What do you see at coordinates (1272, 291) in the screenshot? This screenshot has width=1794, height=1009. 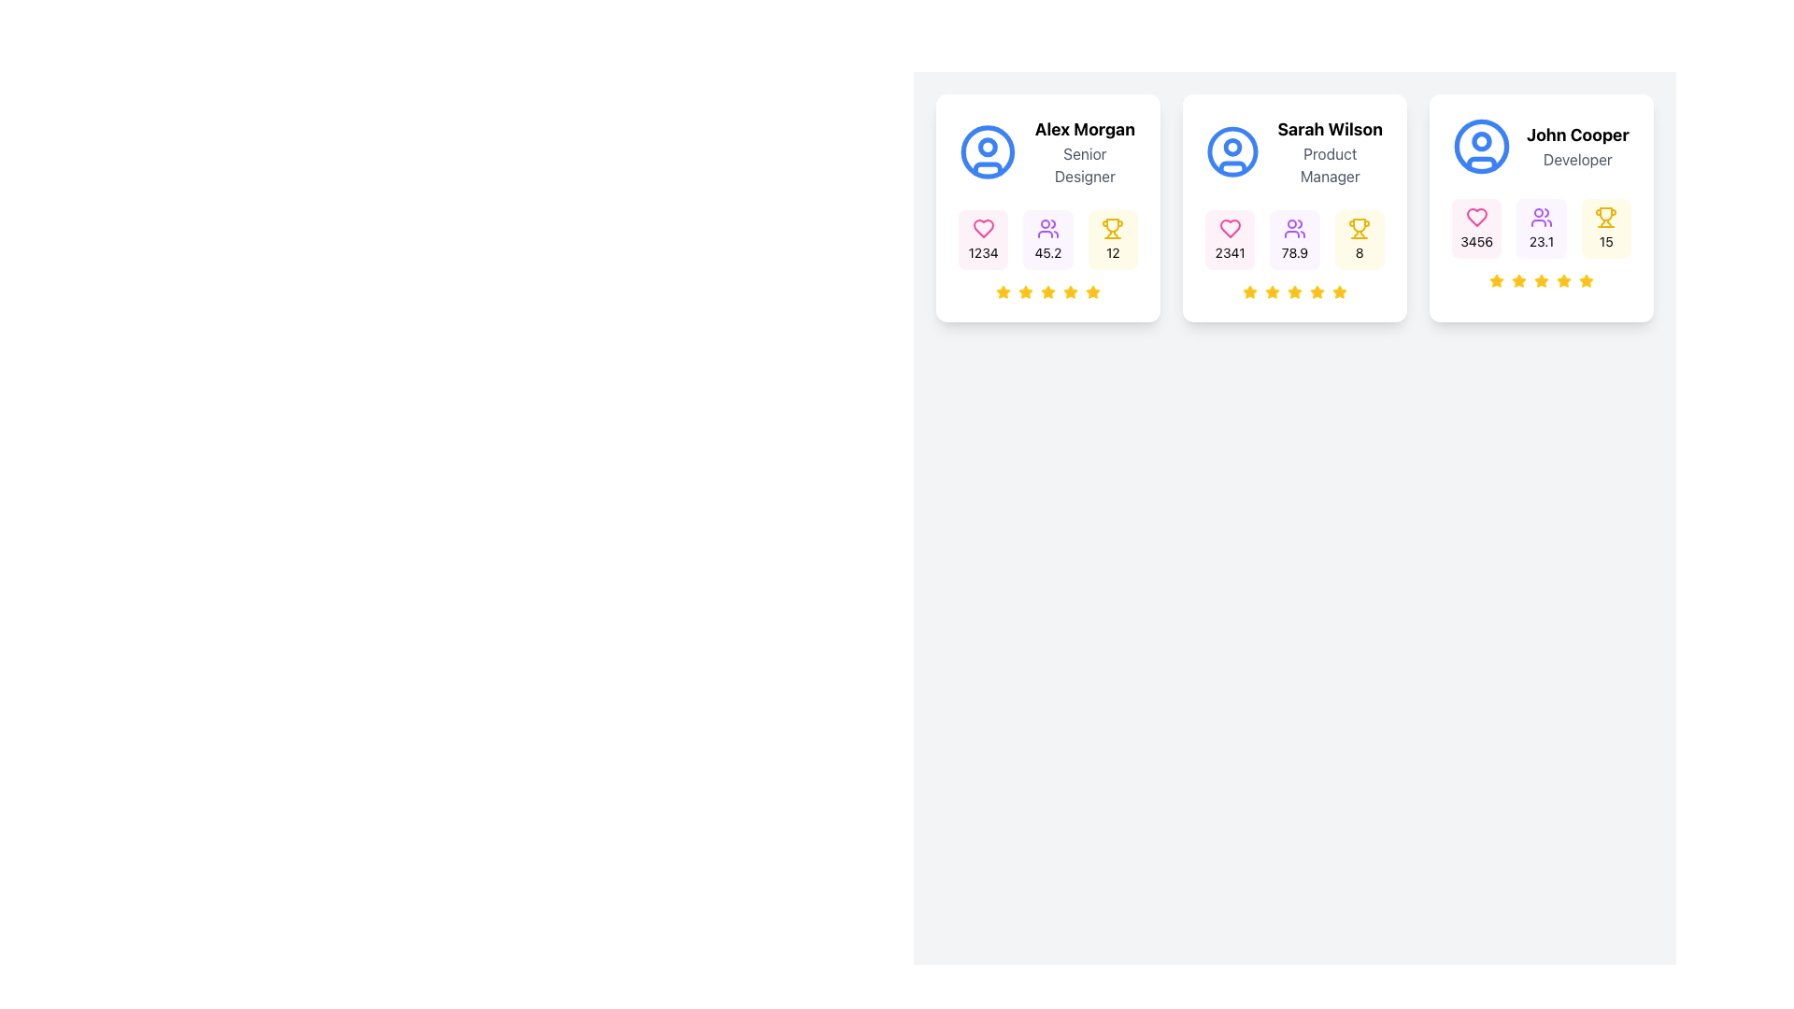 I see `the second star icon in the rating system below the name 'Sarah Wilson'` at bounding box center [1272, 291].